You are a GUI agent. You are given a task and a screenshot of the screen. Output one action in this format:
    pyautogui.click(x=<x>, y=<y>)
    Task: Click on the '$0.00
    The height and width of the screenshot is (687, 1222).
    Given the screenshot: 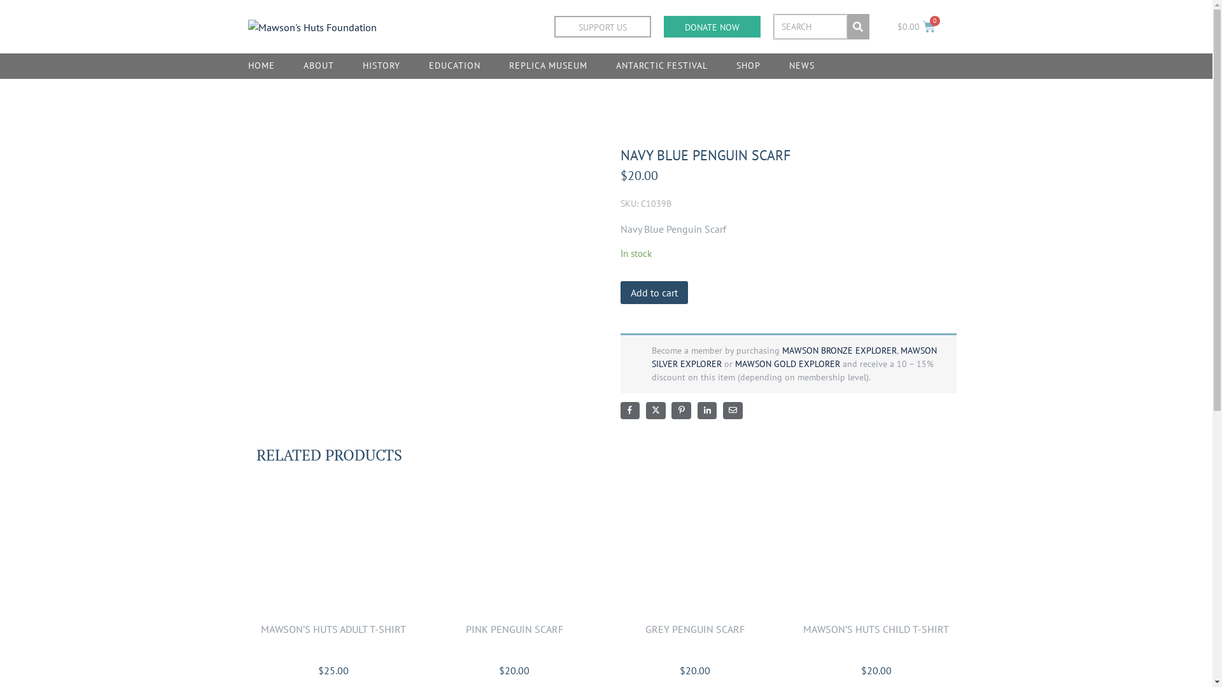 What is the action you would take?
    pyautogui.click(x=915, y=27)
    